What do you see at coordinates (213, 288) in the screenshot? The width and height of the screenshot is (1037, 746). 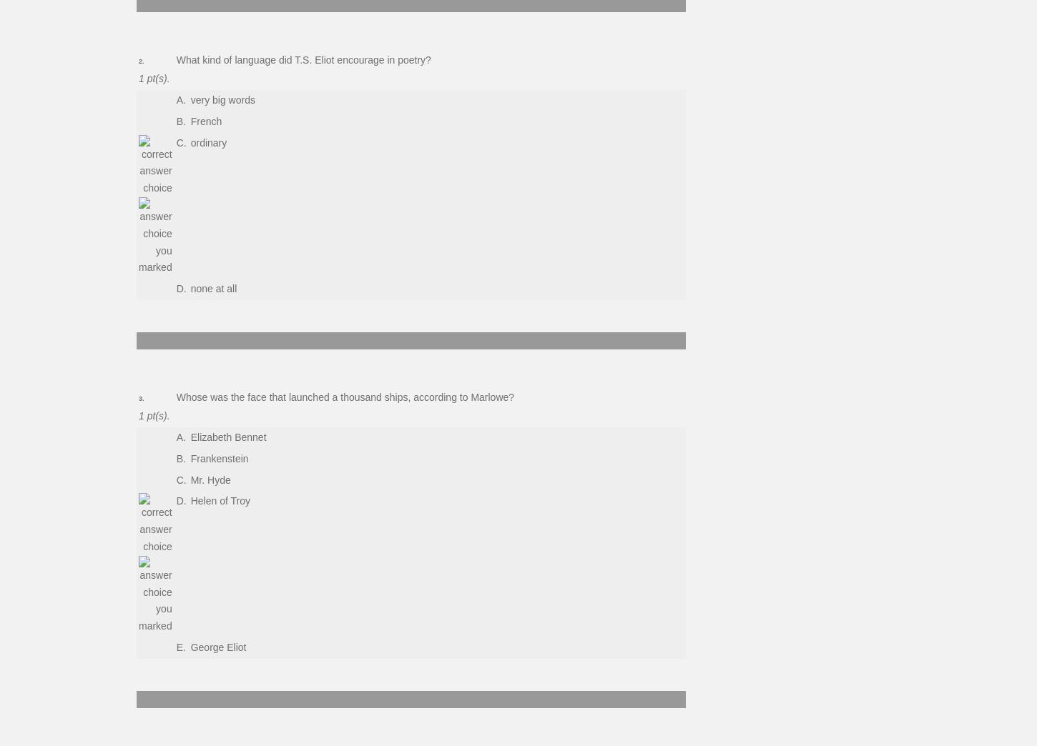 I see `'none at all'` at bounding box center [213, 288].